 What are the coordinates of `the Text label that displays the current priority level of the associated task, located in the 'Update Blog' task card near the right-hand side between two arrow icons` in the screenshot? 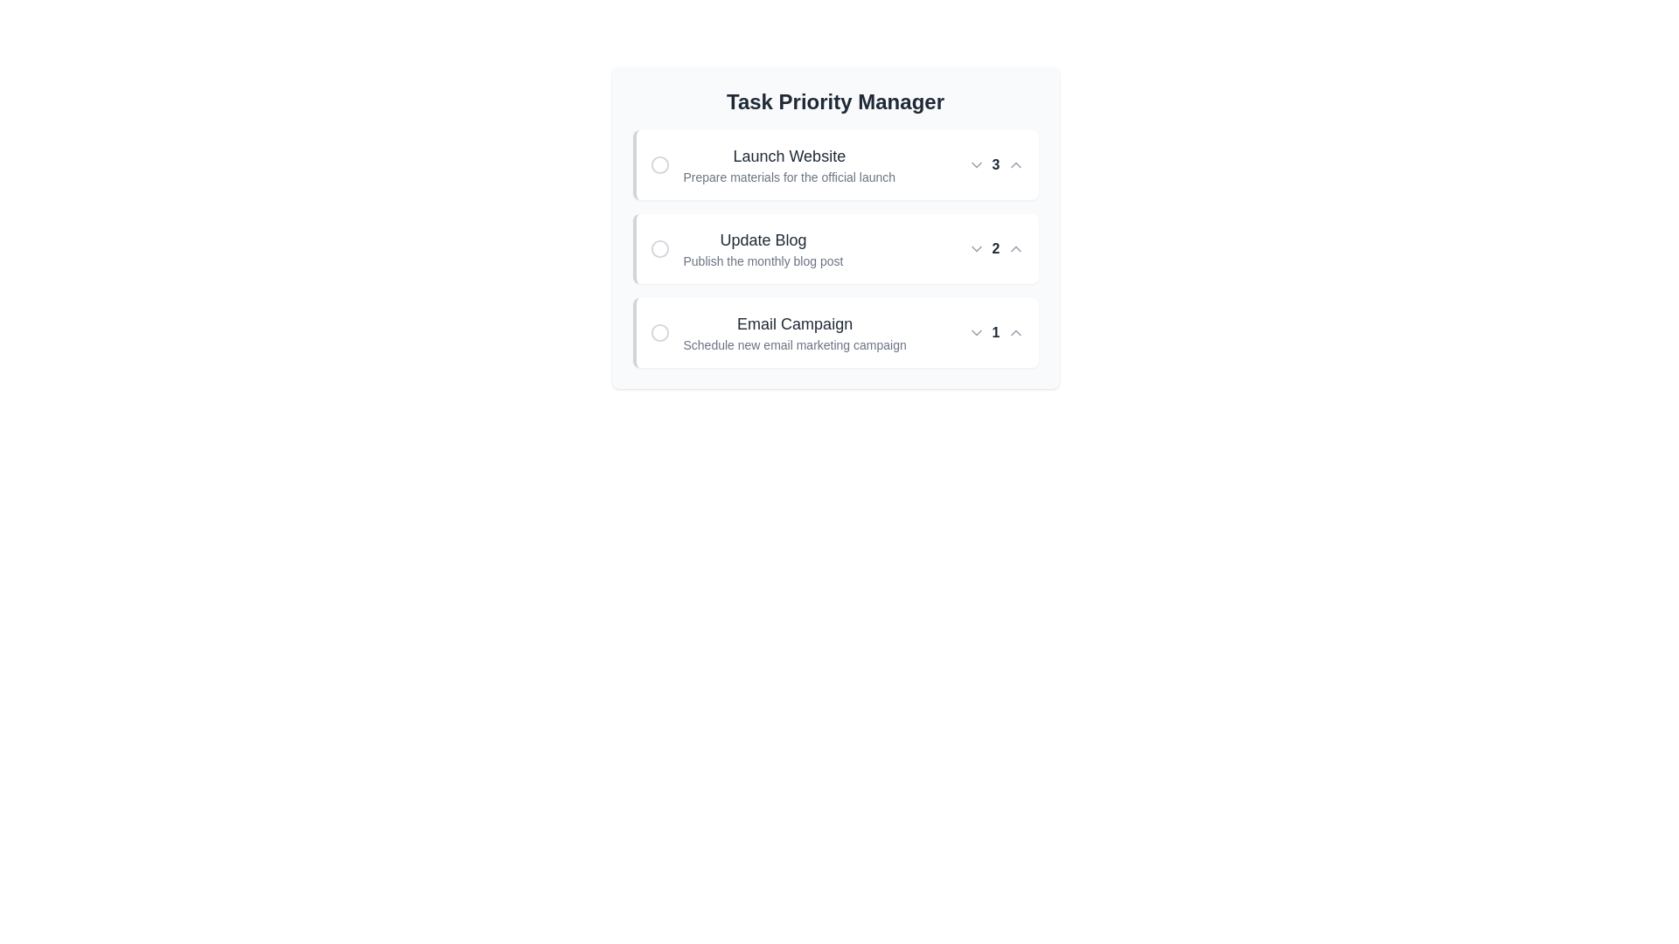 It's located at (996, 249).